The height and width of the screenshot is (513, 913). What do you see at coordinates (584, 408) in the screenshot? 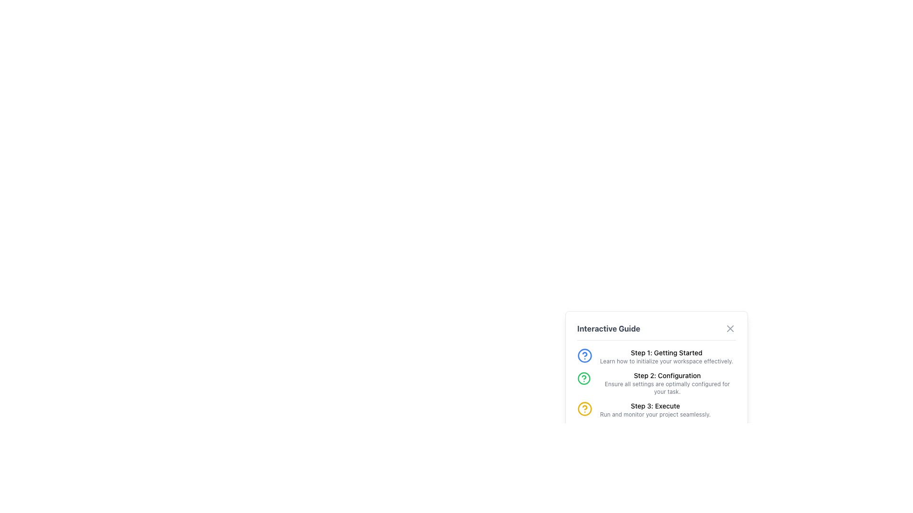
I see `the visual indicator for the third step of the interactive guide, labeled 'Step 3: Execute', located to the left of the 'Step 3' text` at bounding box center [584, 408].